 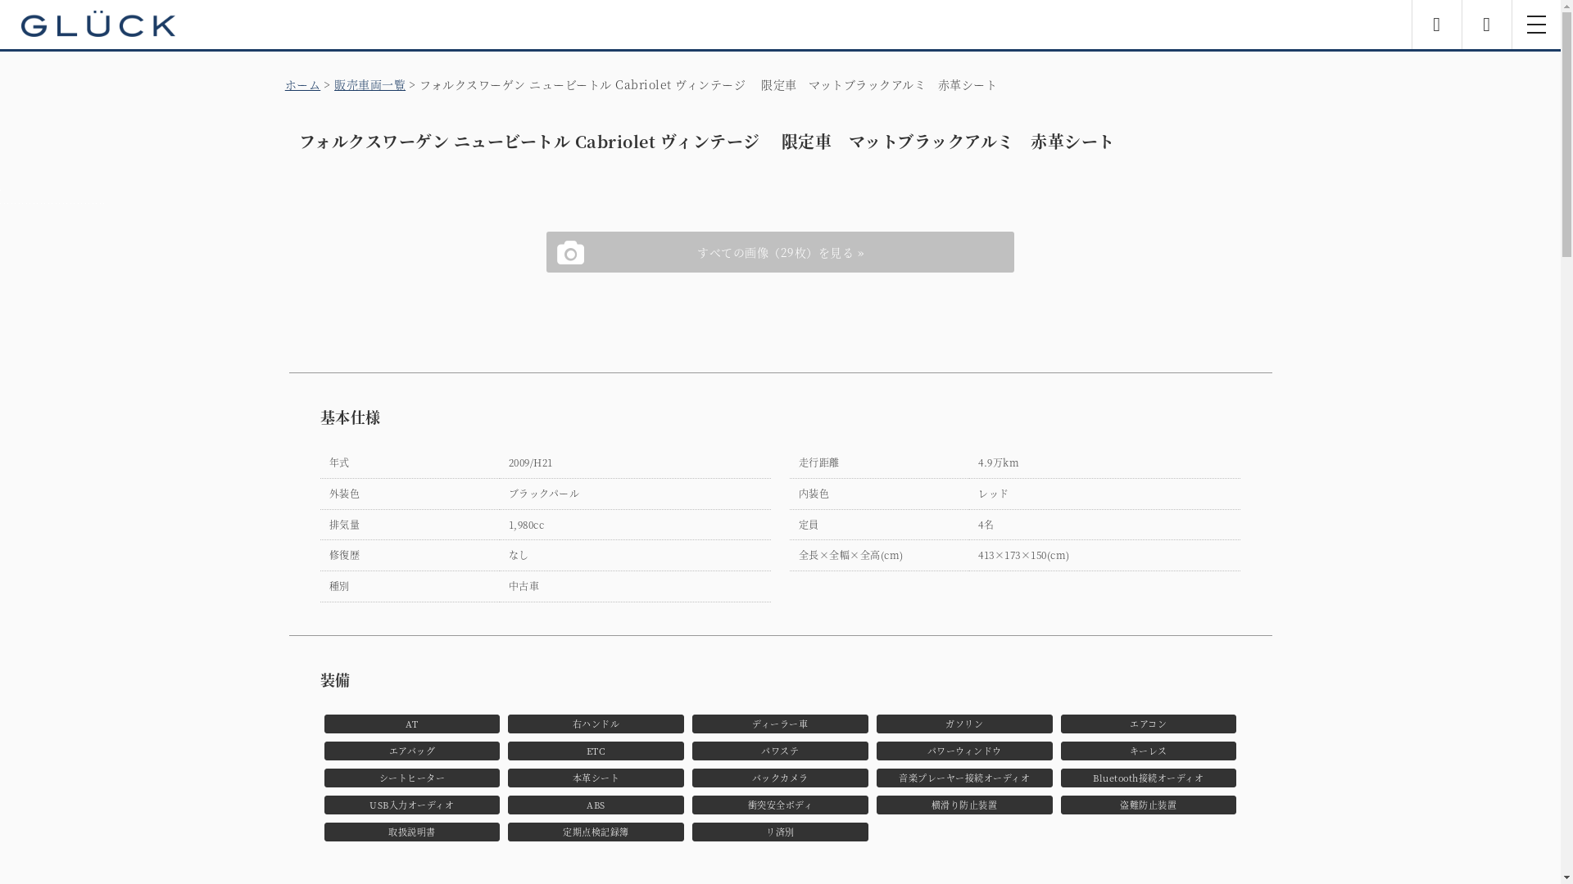 What do you see at coordinates (1435, 25) in the screenshot?
I see `'Facebook'` at bounding box center [1435, 25].